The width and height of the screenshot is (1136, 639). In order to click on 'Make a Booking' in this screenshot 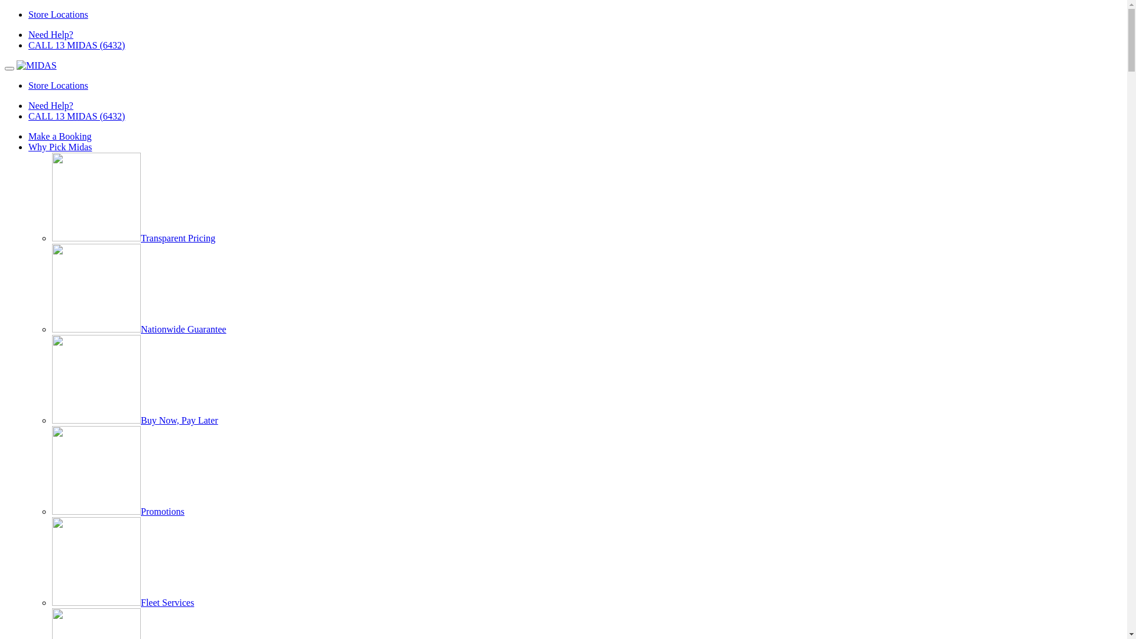, I will do `click(59, 135)`.